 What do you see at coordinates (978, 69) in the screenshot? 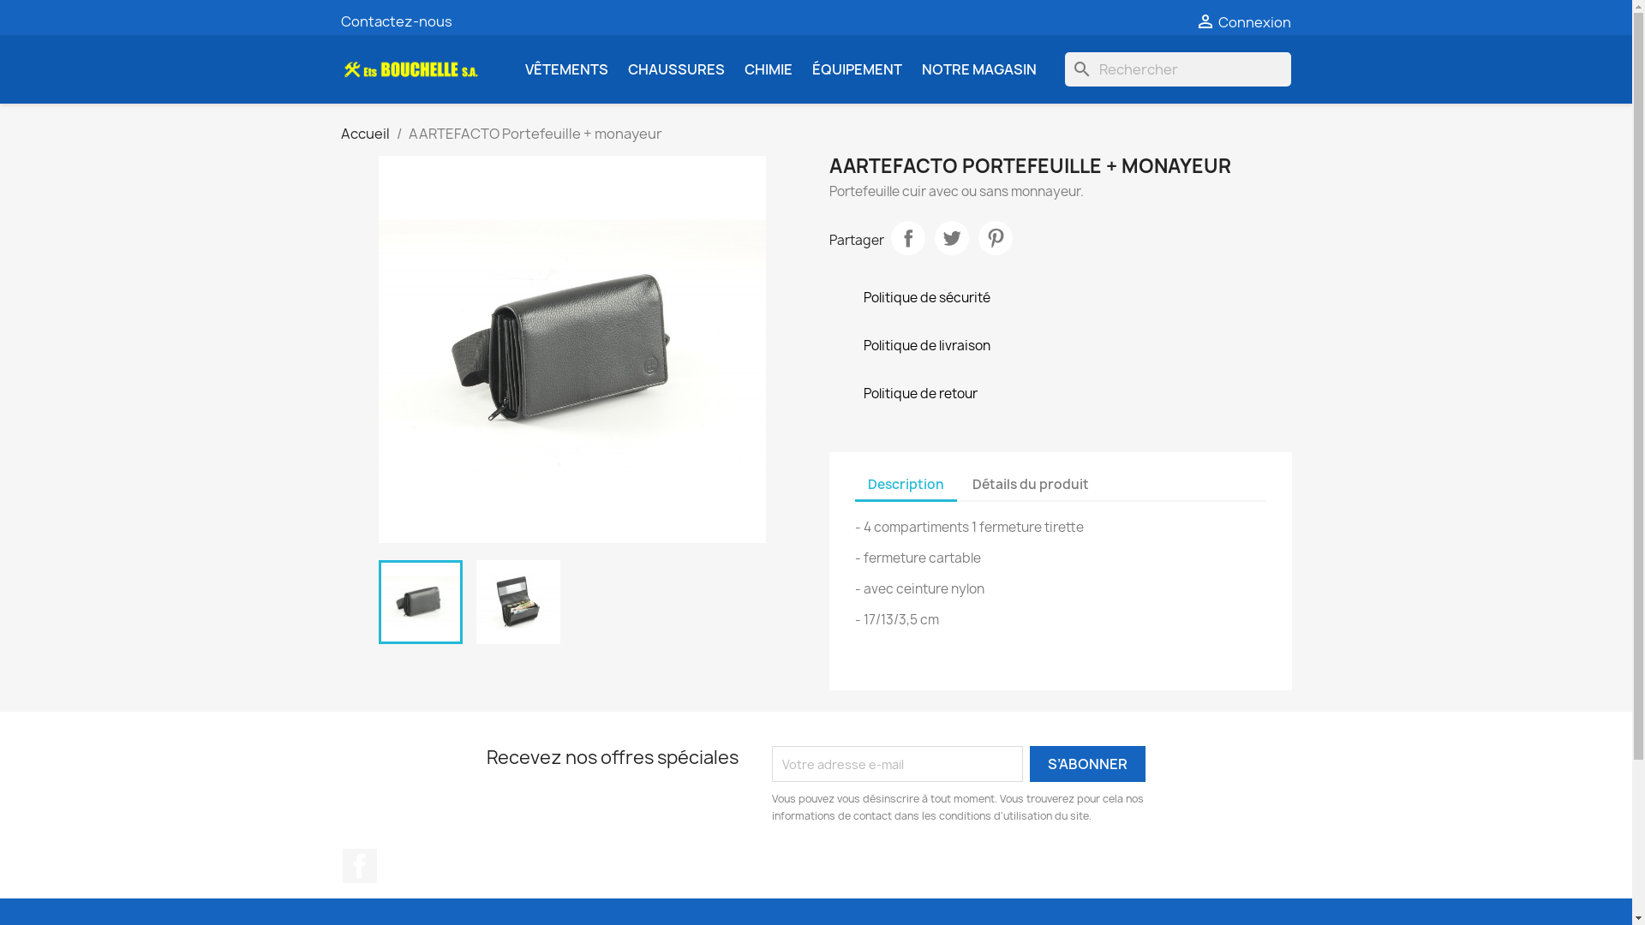
I see `'NOTRE MAGASIN'` at bounding box center [978, 69].